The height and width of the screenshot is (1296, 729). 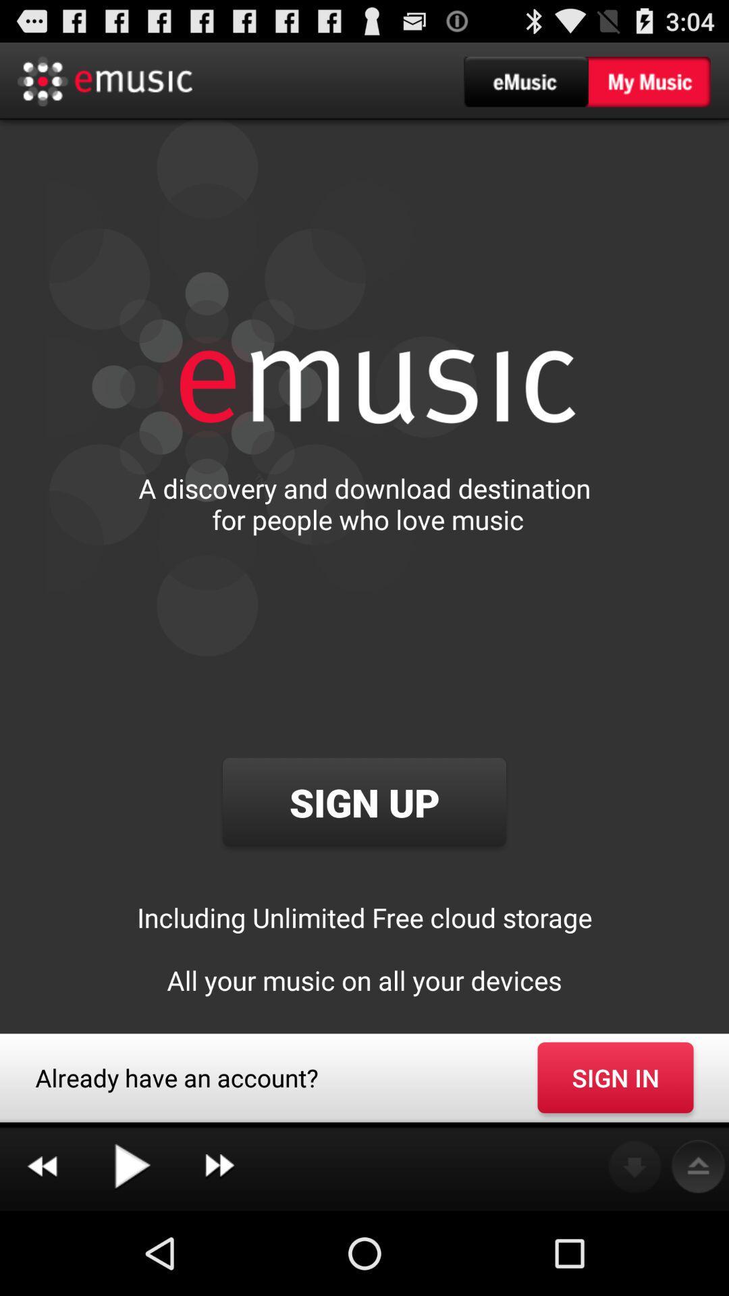 What do you see at coordinates (219, 1248) in the screenshot?
I see `the av_forward icon` at bounding box center [219, 1248].